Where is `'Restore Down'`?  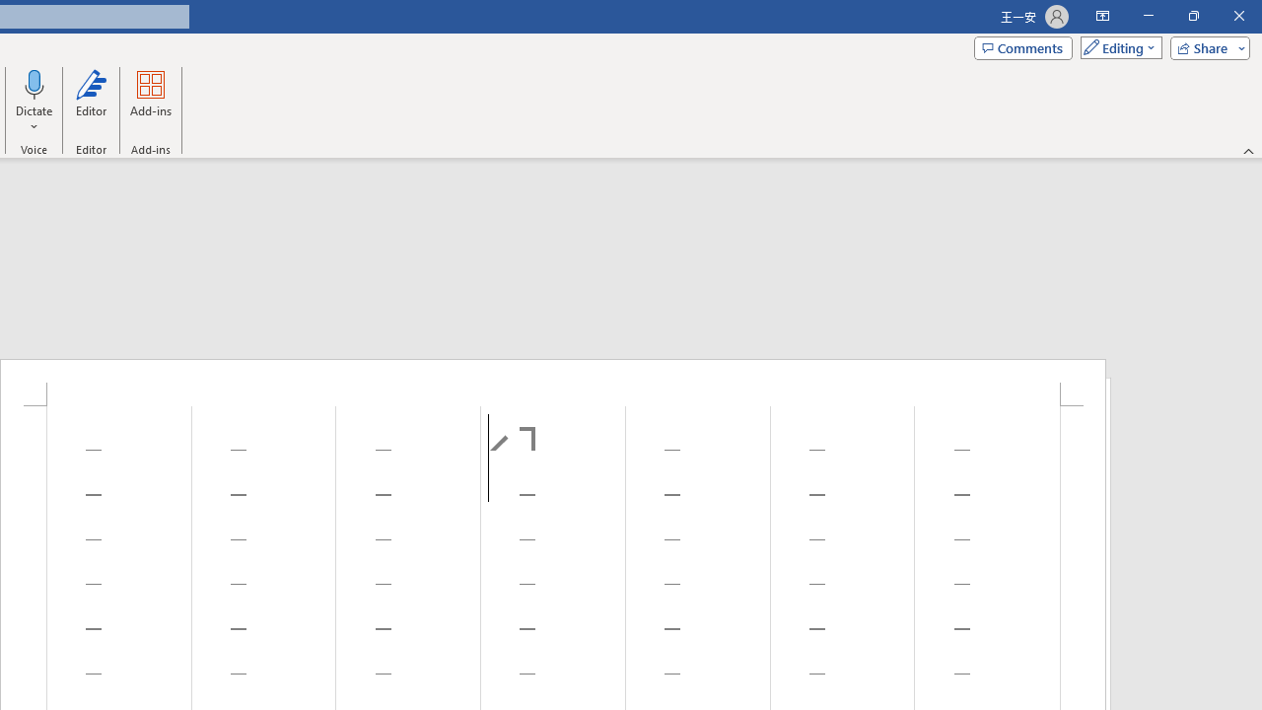
'Restore Down' is located at coordinates (1192, 16).